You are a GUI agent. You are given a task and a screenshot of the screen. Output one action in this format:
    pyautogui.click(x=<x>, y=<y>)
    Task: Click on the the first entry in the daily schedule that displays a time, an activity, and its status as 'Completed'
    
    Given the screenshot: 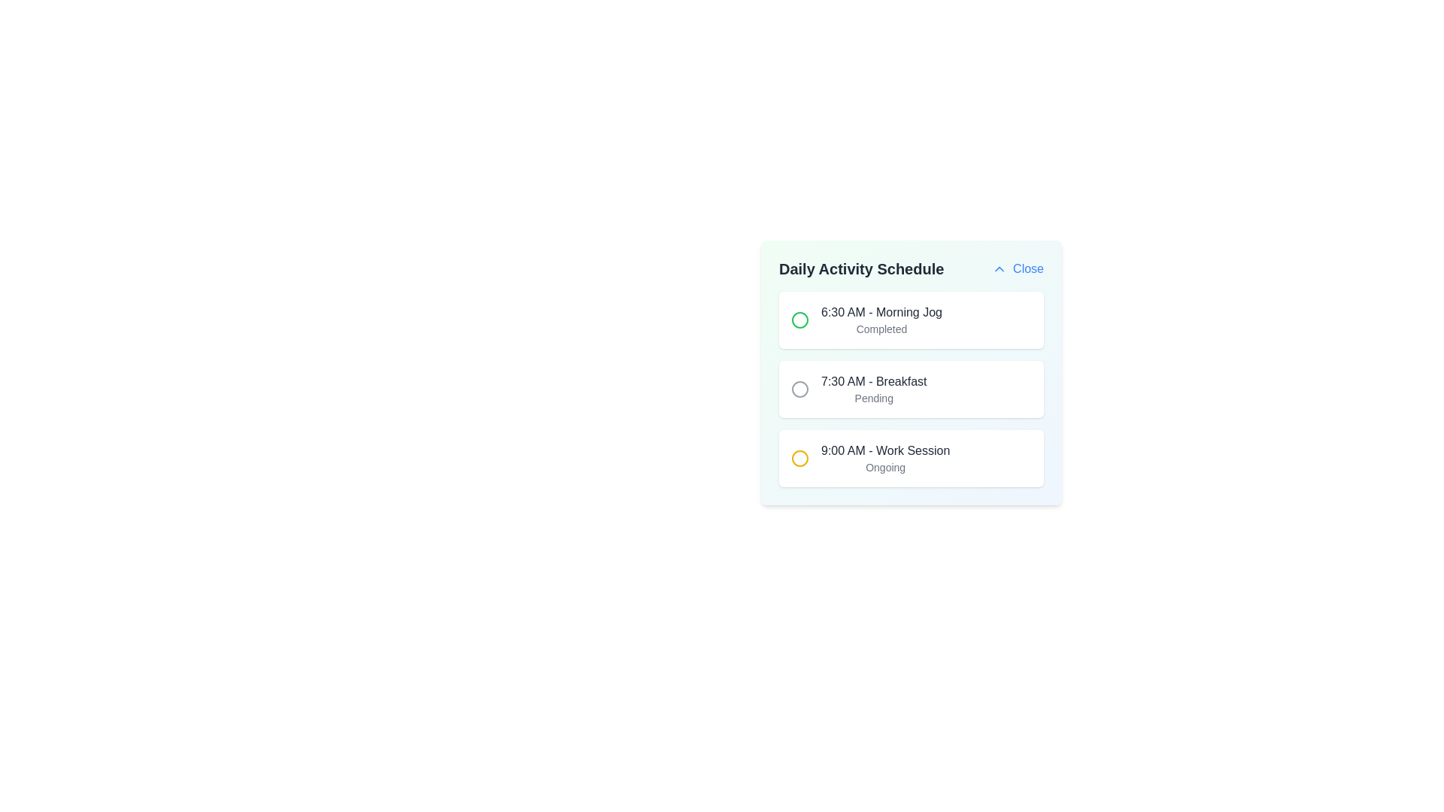 What is the action you would take?
    pyautogui.click(x=881, y=319)
    